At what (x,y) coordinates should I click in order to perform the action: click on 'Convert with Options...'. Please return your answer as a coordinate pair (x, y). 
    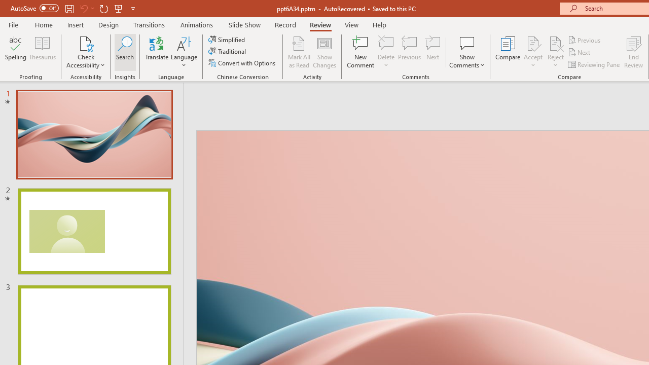
    Looking at the image, I should click on (242, 63).